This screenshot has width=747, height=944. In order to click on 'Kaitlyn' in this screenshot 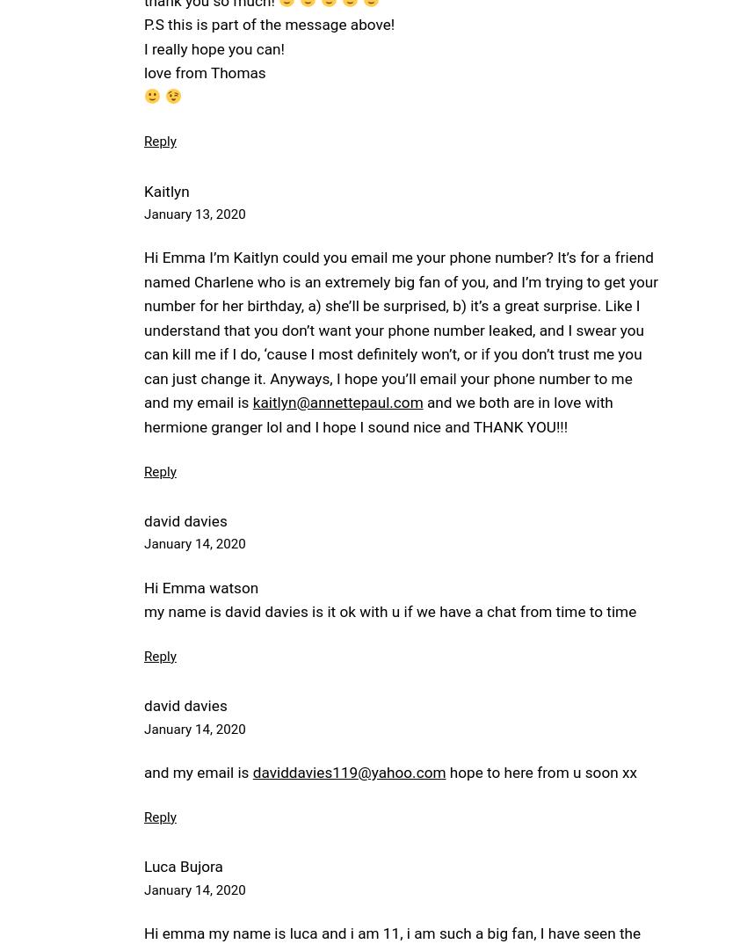, I will do `click(165, 189)`.